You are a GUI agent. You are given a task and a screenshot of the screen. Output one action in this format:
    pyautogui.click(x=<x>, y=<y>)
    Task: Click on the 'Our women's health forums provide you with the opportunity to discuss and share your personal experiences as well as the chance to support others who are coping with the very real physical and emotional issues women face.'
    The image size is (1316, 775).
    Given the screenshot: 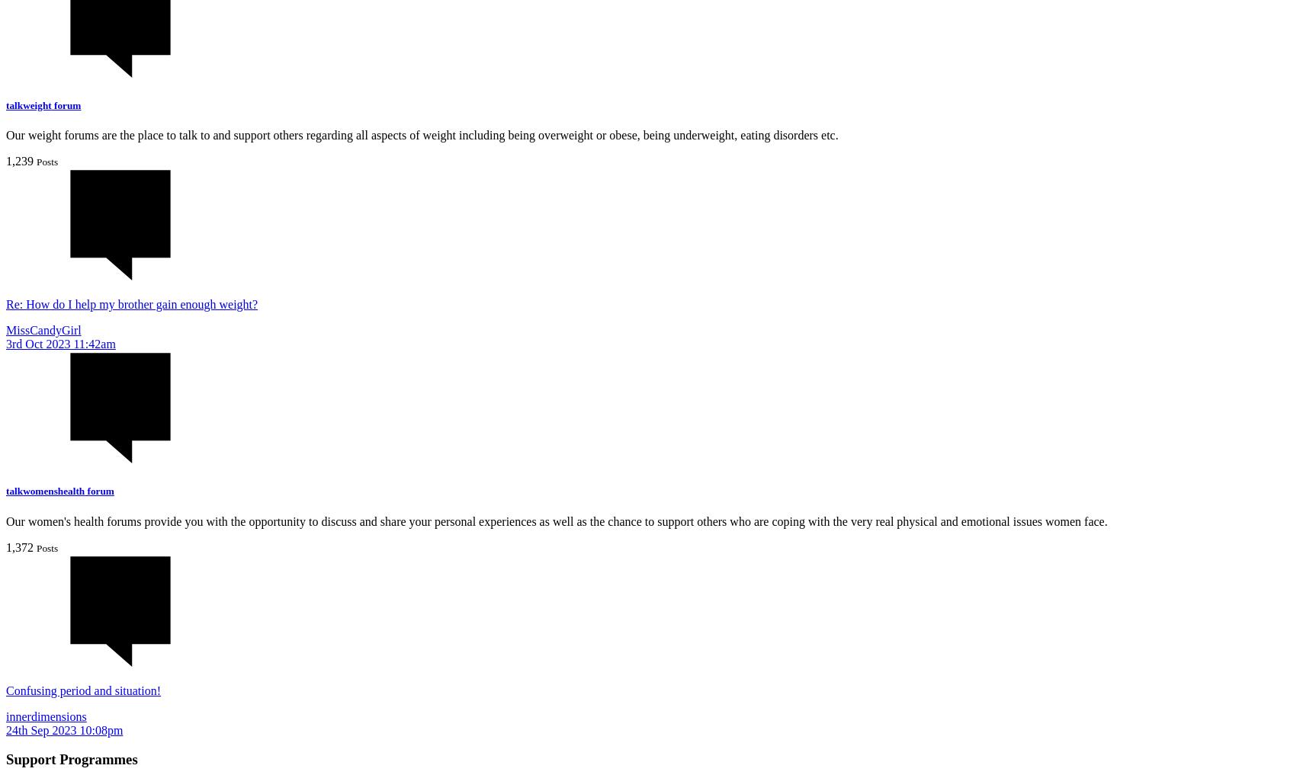 What is the action you would take?
    pyautogui.click(x=556, y=520)
    